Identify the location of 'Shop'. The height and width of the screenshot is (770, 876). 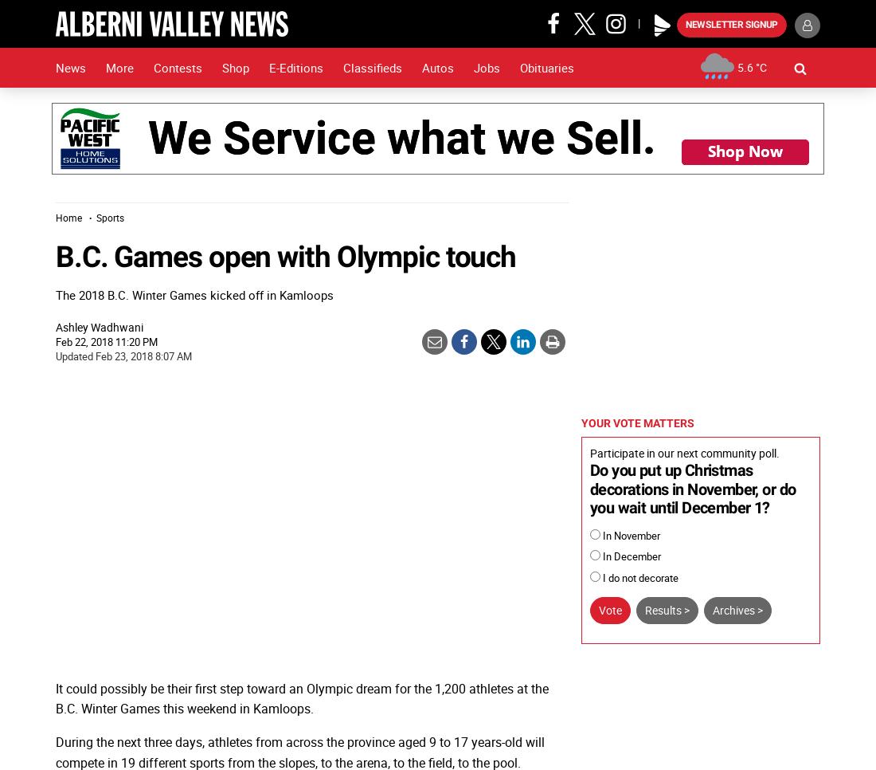
(235, 67).